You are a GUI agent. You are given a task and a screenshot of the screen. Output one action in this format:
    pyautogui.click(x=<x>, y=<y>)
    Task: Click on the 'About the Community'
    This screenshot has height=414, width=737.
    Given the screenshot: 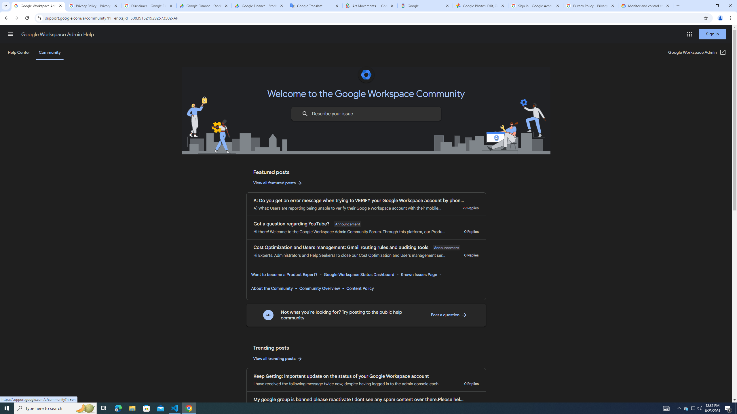 What is the action you would take?
    pyautogui.click(x=272, y=288)
    